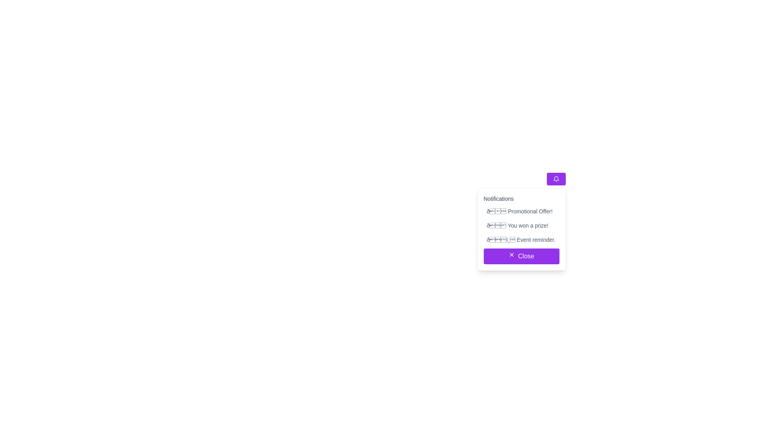 The width and height of the screenshot is (757, 426). What do you see at coordinates (556, 179) in the screenshot?
I see `the Icon button located within the purple button at the top-right corner of the notification card` at bounding box center [556, 179].